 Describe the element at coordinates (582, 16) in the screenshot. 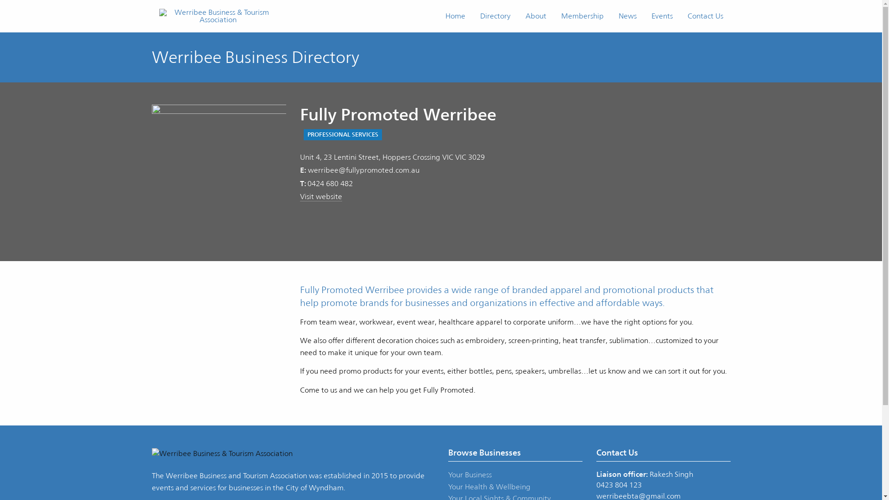

I see `'Membership'` at that location.